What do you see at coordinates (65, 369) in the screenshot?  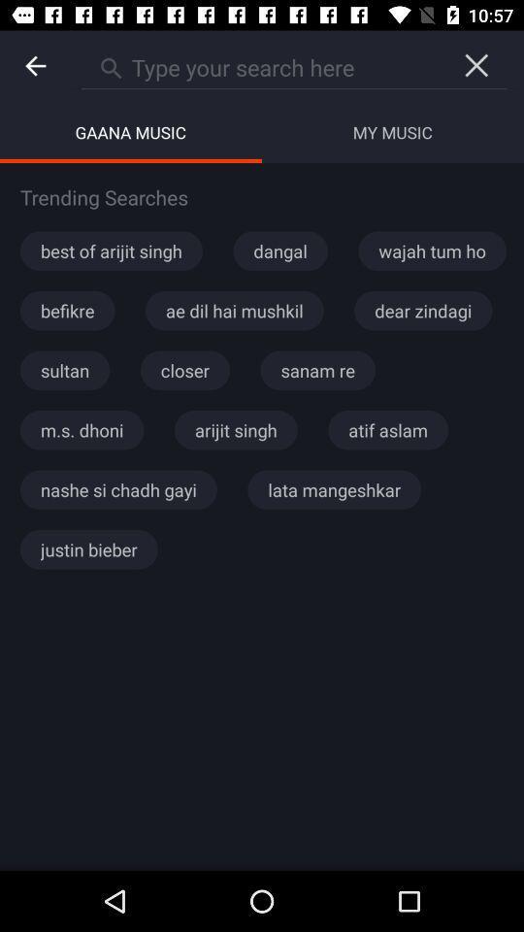 I see `sultan` at bounding box center [65, 369].